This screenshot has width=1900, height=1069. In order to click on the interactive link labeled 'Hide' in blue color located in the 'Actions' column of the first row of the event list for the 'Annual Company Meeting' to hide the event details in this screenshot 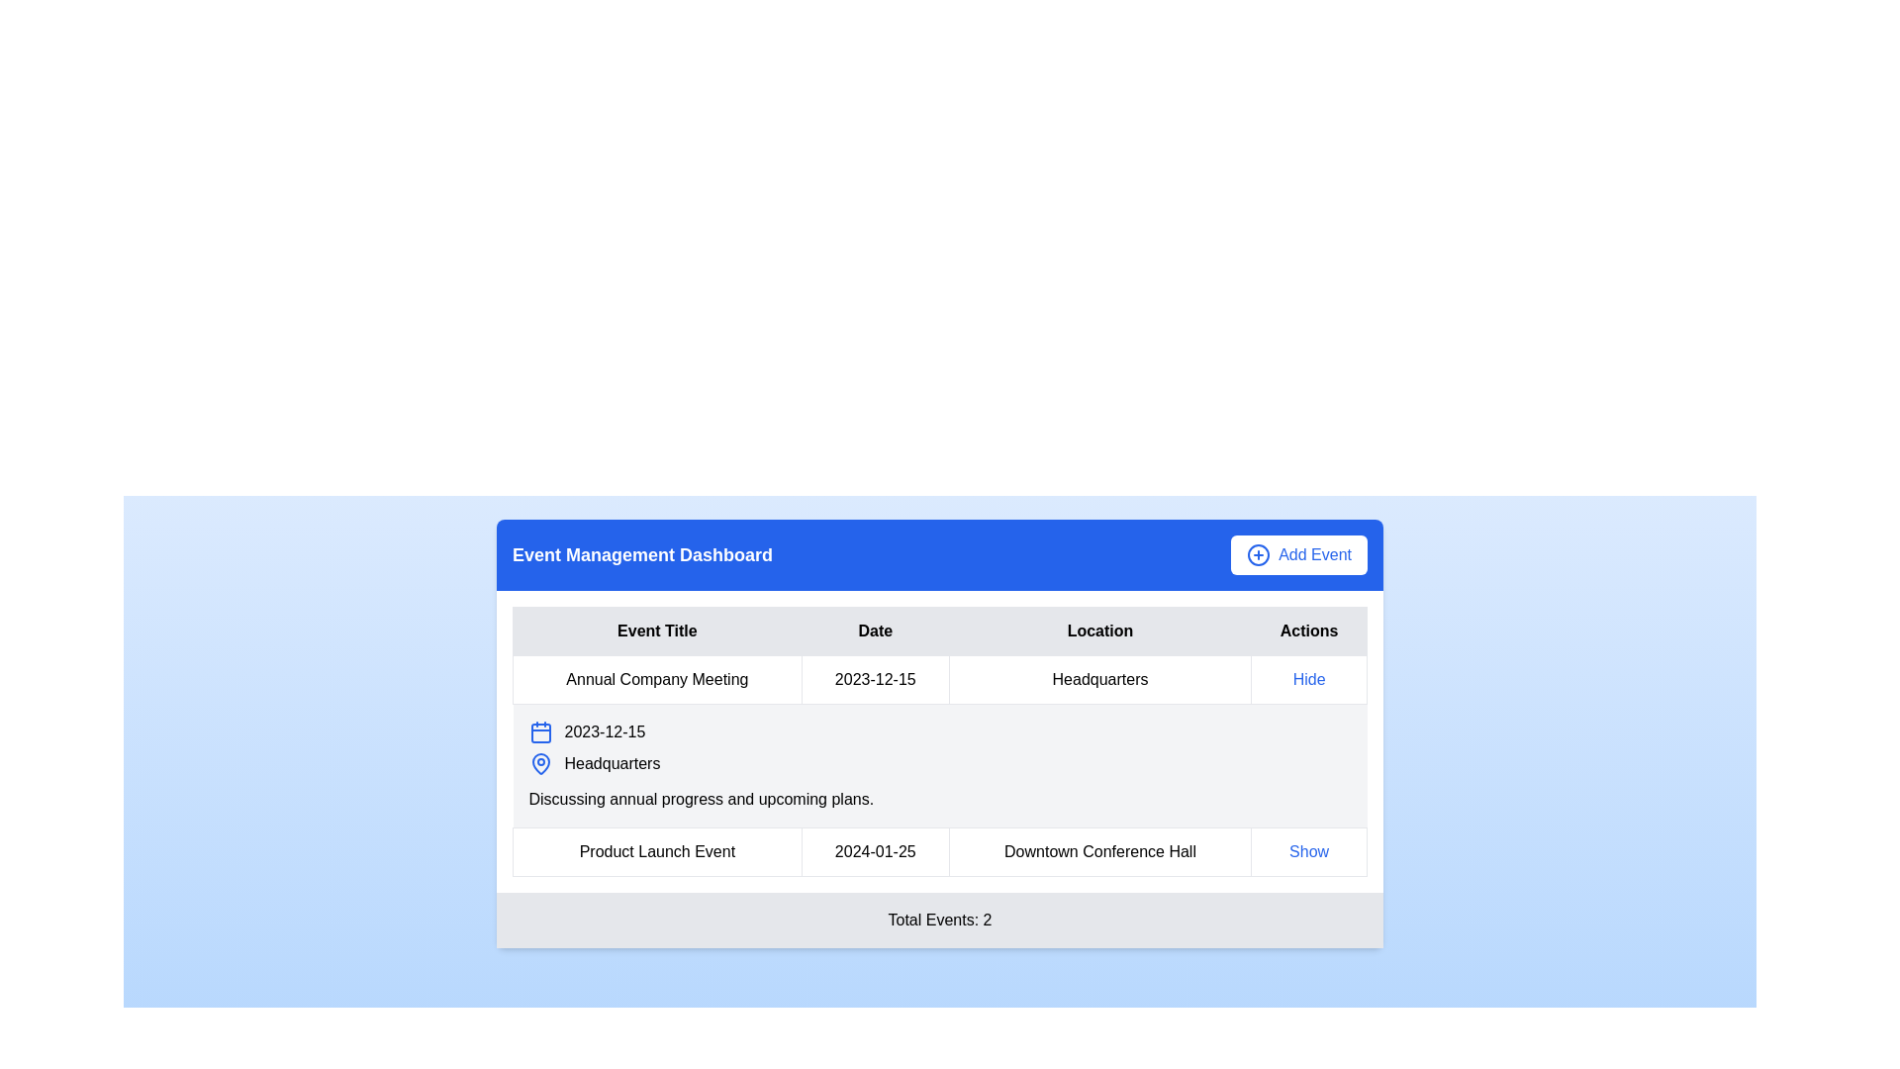, I will do `click(1309, 678)`.